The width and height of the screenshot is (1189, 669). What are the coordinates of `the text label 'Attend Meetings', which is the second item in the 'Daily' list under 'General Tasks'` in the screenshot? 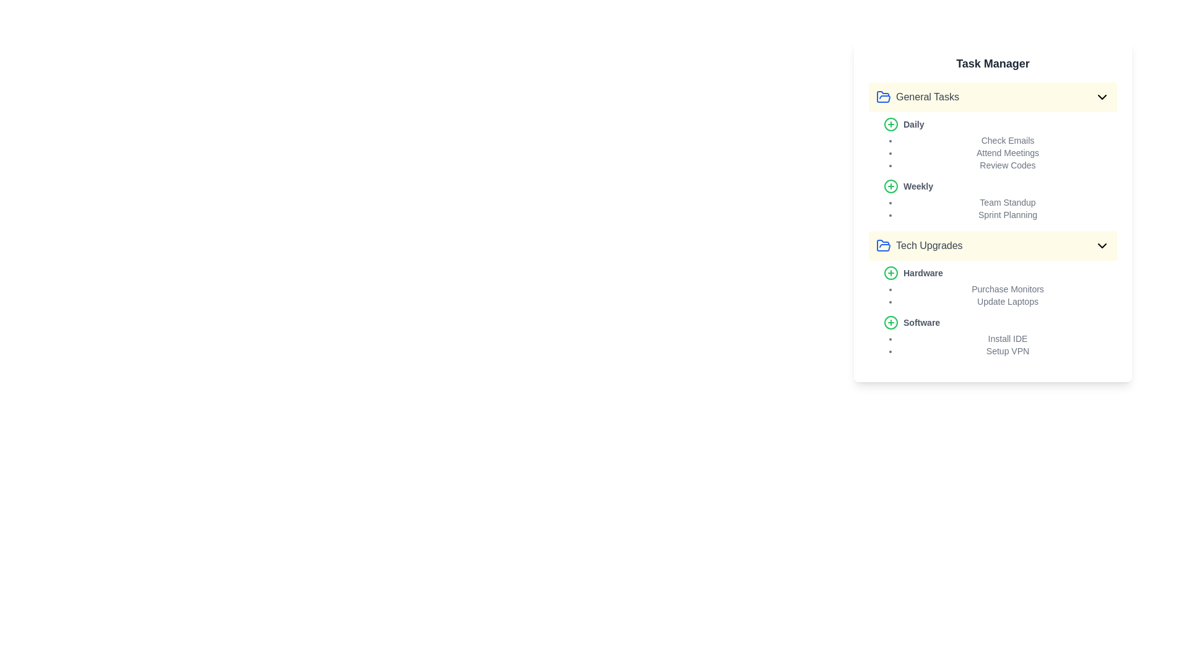 It's located at (1008, 152).